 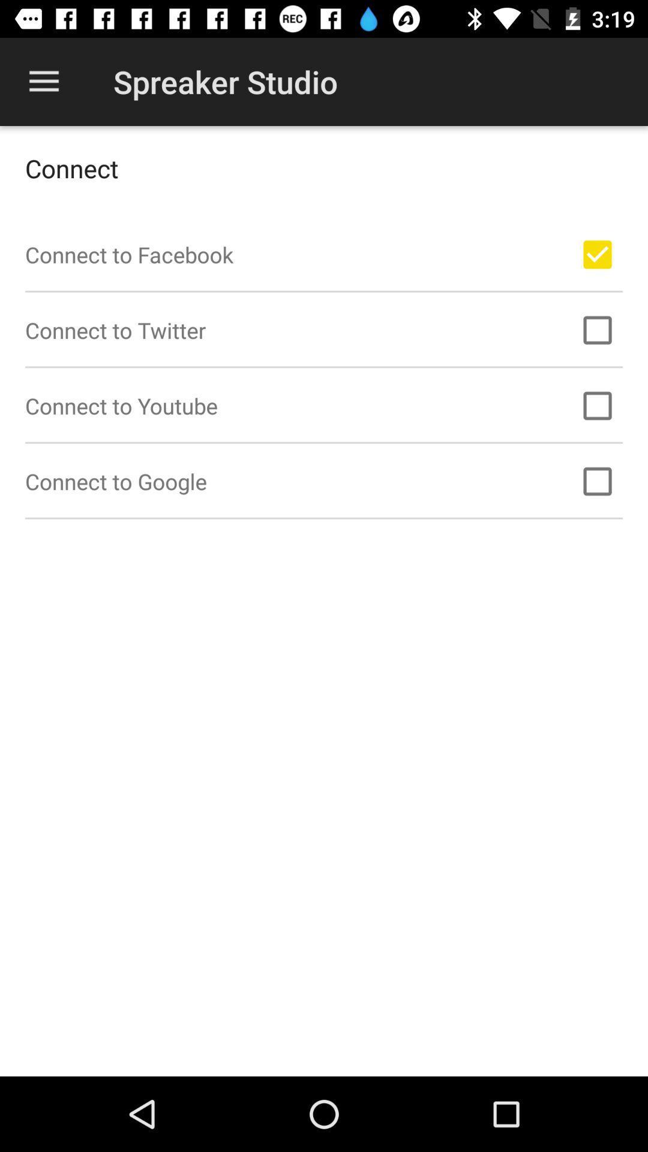 I want to click on connect to youtube, so click(x=597, y=406).